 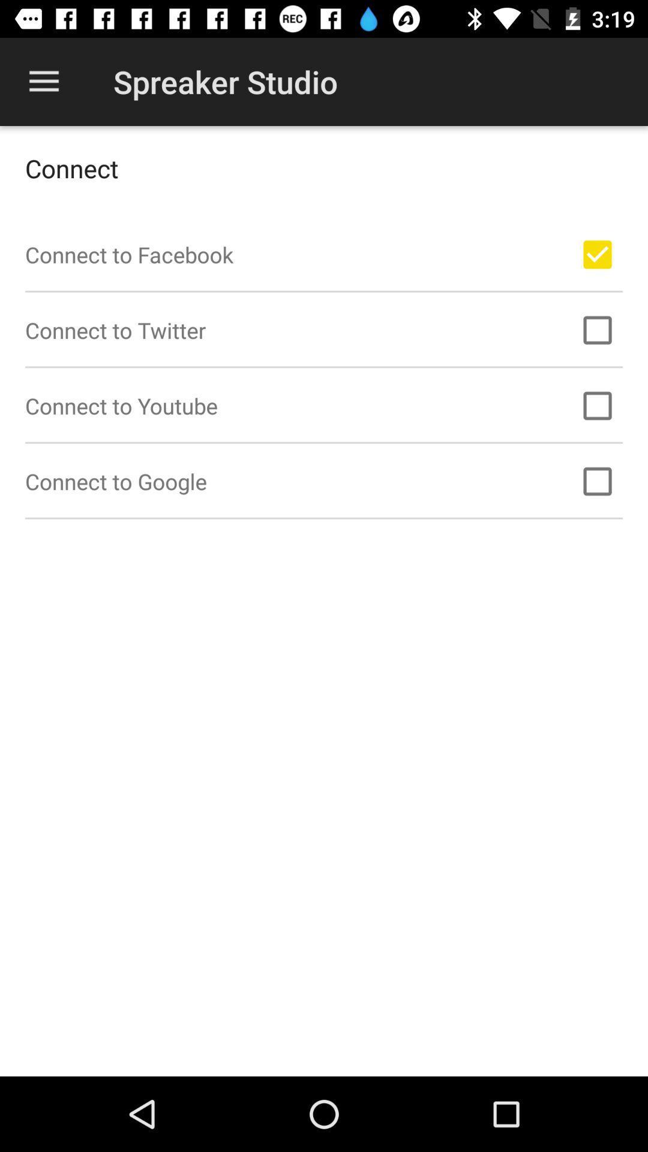 I want to click on connect to youtube, so click(x=597, y=406).